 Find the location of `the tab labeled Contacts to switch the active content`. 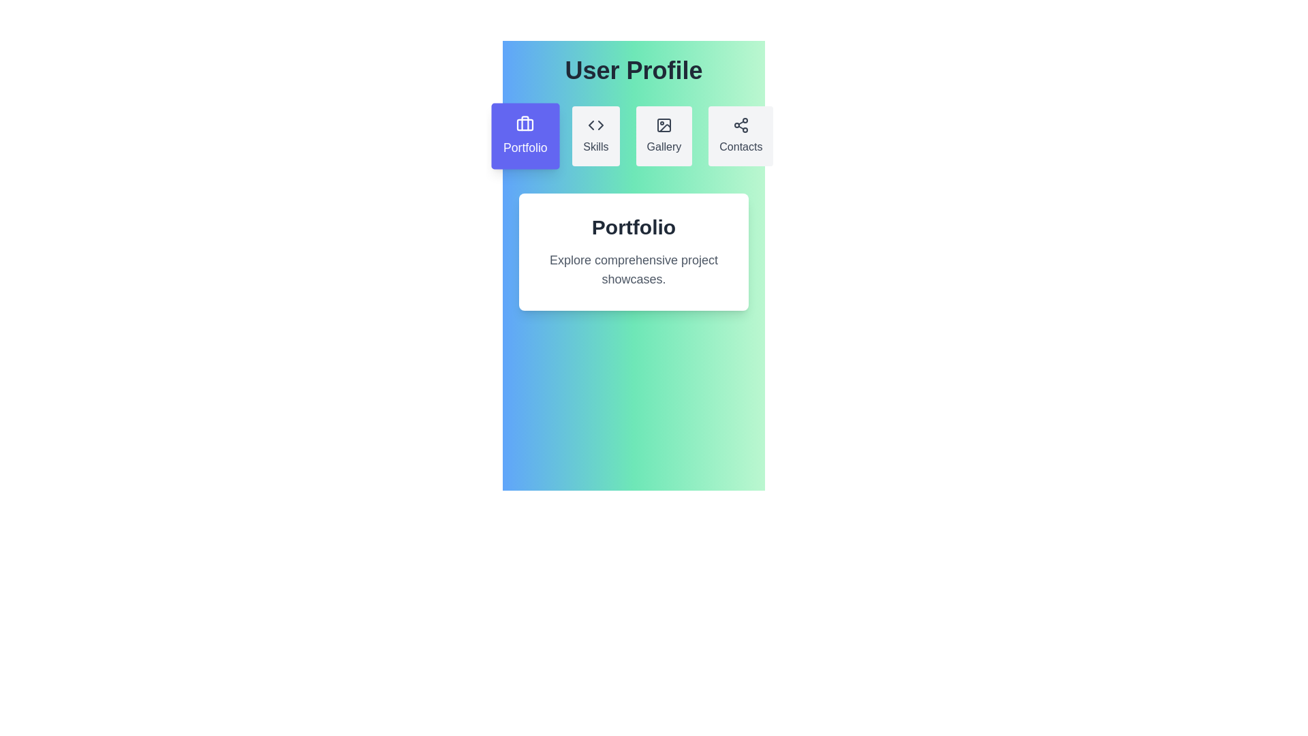

the tab labeled Contacts to switch the active content is located at coordinates (740, 136).